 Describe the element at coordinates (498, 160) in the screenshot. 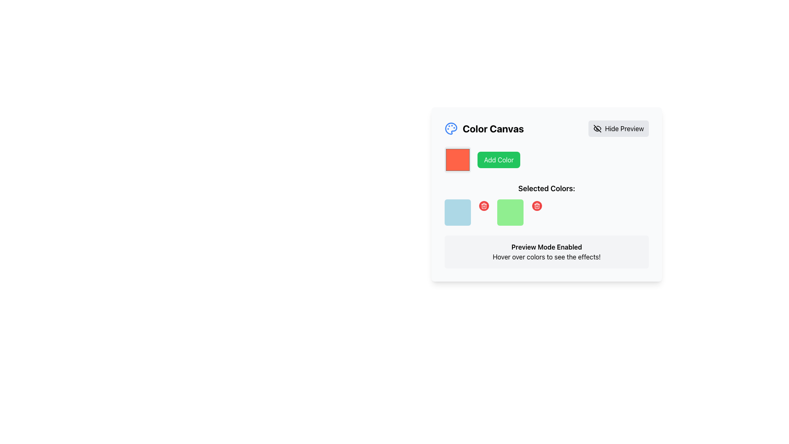

I see `the 'Add Color' button located in the right area of the interface, next to the square color box` at that location.